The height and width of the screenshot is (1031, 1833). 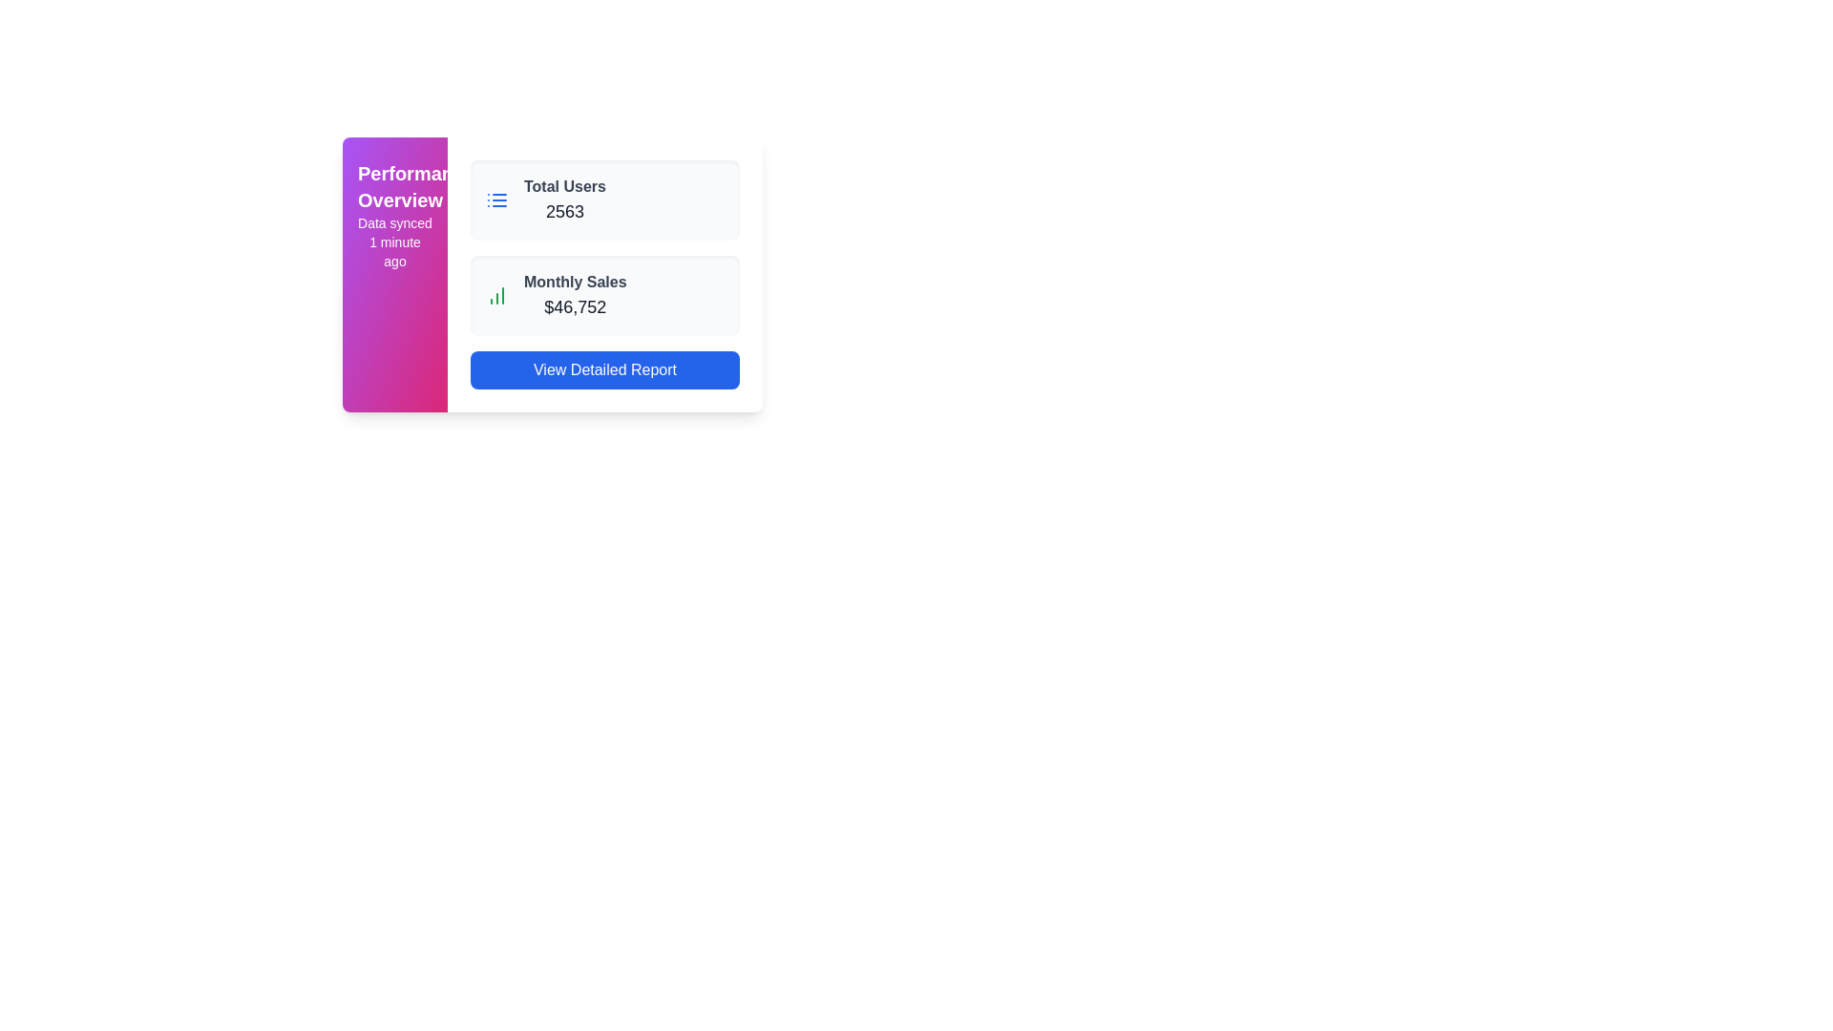 What do you see at coordinates (563, 212) in the screenshot?
I see `static text indicating the total number of users, which is displayed in bold numeric format below the label 'Total Users' on a white card layout to the right of the purple side panel titled 'Performance Overview'` at bounding box center [563, 212].